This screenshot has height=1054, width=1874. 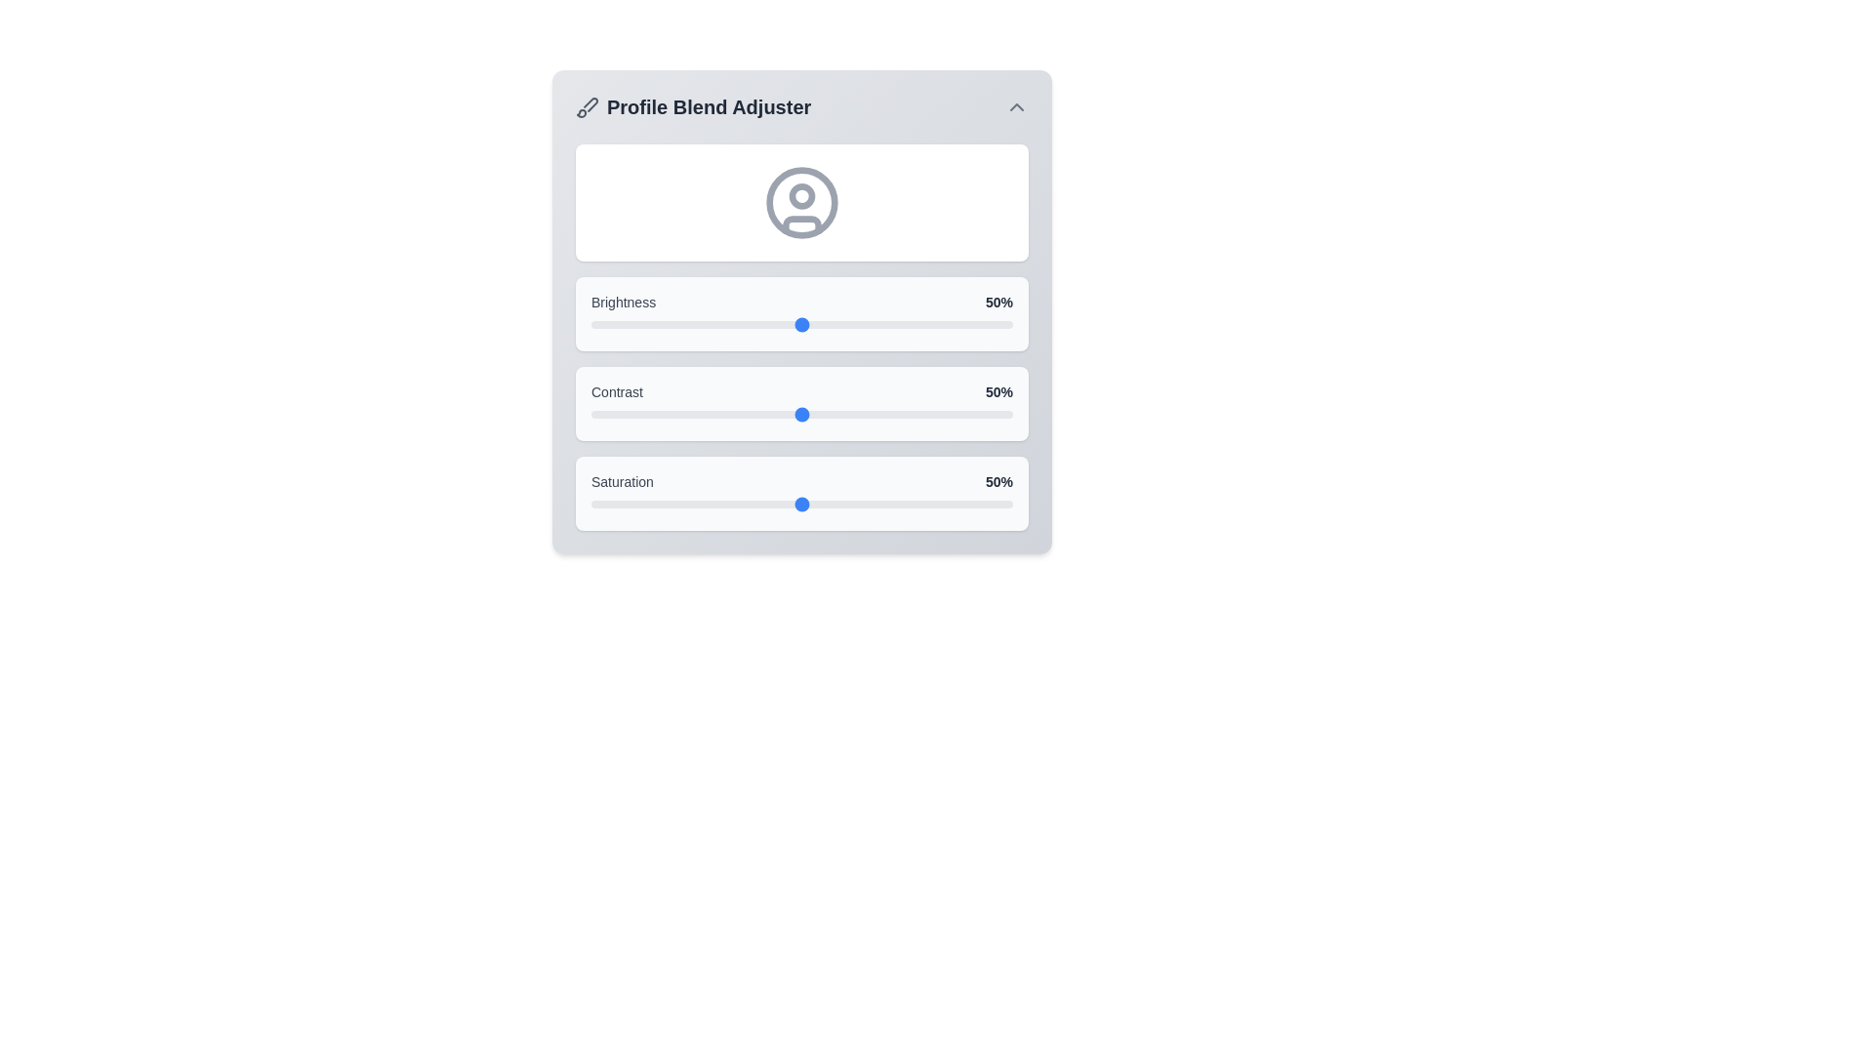 I want to click on contrast, so click(x=970, y=413).